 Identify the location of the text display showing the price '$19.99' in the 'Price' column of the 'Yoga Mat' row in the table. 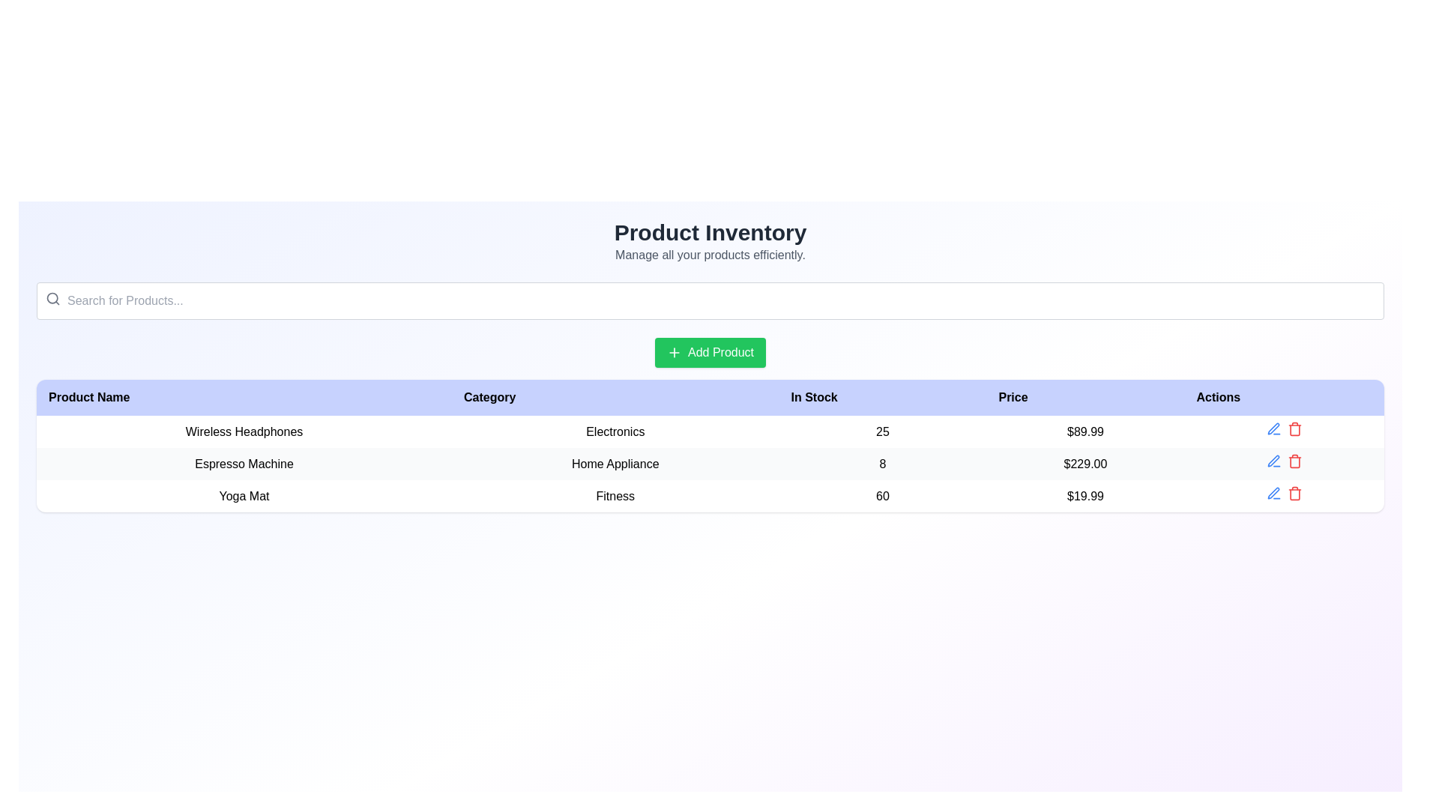
(1085, 496).